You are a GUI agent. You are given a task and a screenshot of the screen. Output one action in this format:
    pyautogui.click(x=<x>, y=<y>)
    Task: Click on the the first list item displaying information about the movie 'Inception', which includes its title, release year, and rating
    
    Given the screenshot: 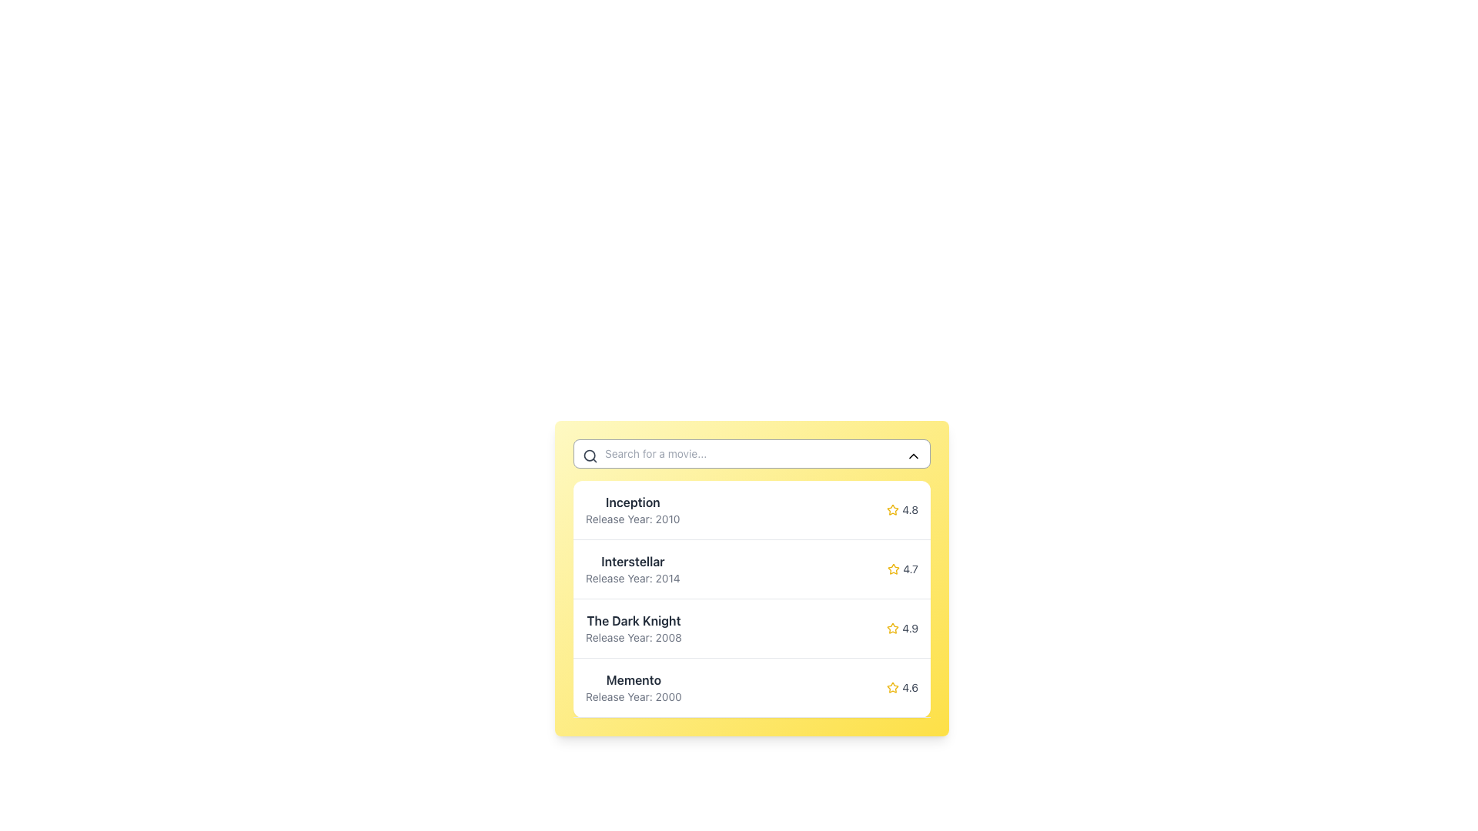 What is the action you would take?
    pyautogui.click(x=752, y=510)
    